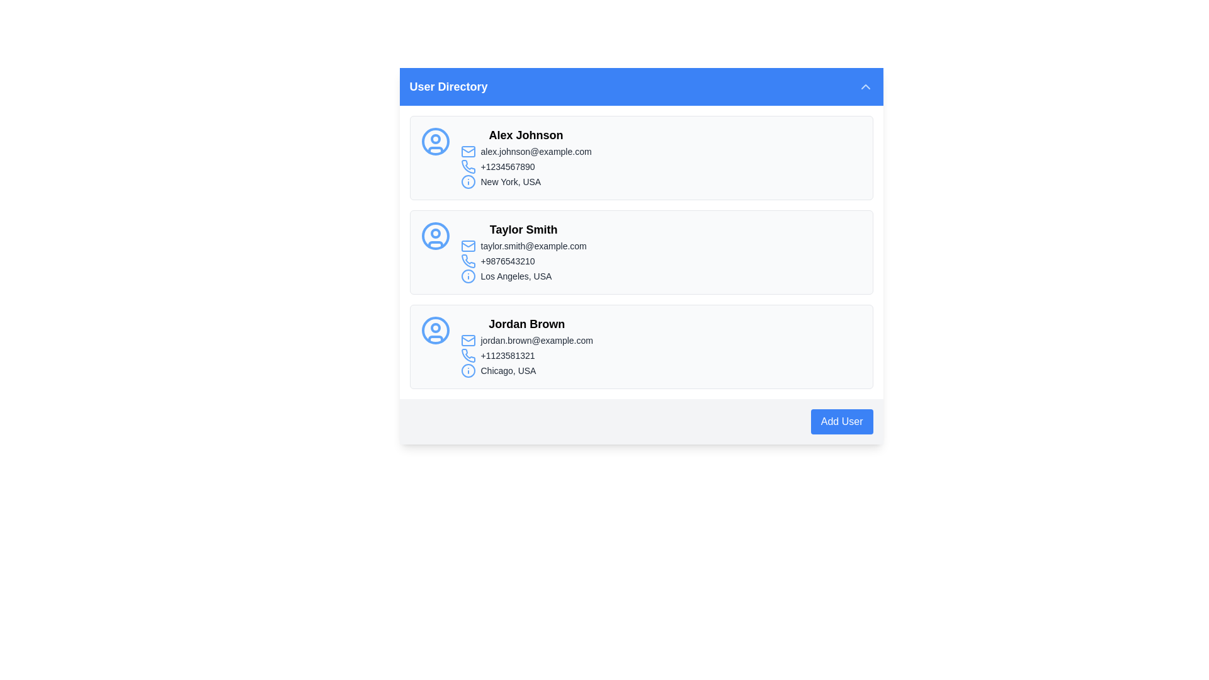  I want to click on the user profile icon for 'Jordan Brown', which is a light blue outline style icon located at the start of the block containing user information, so click(435, 329).